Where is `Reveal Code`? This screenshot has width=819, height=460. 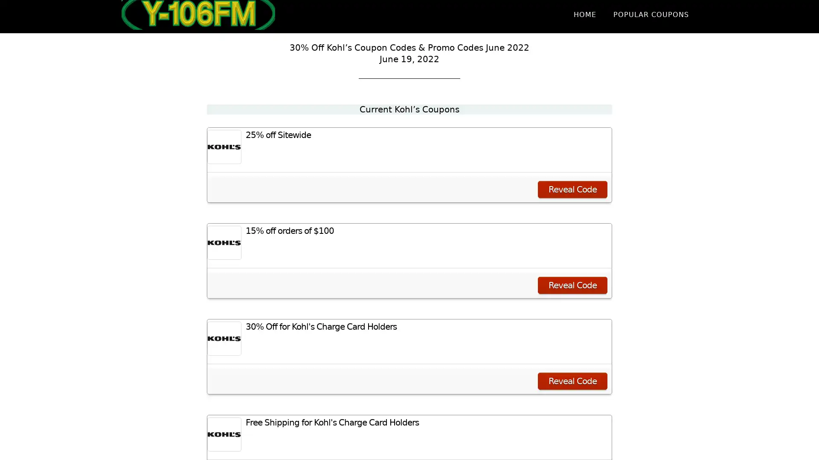
Reveal Code is located at coordinates (572, 189).